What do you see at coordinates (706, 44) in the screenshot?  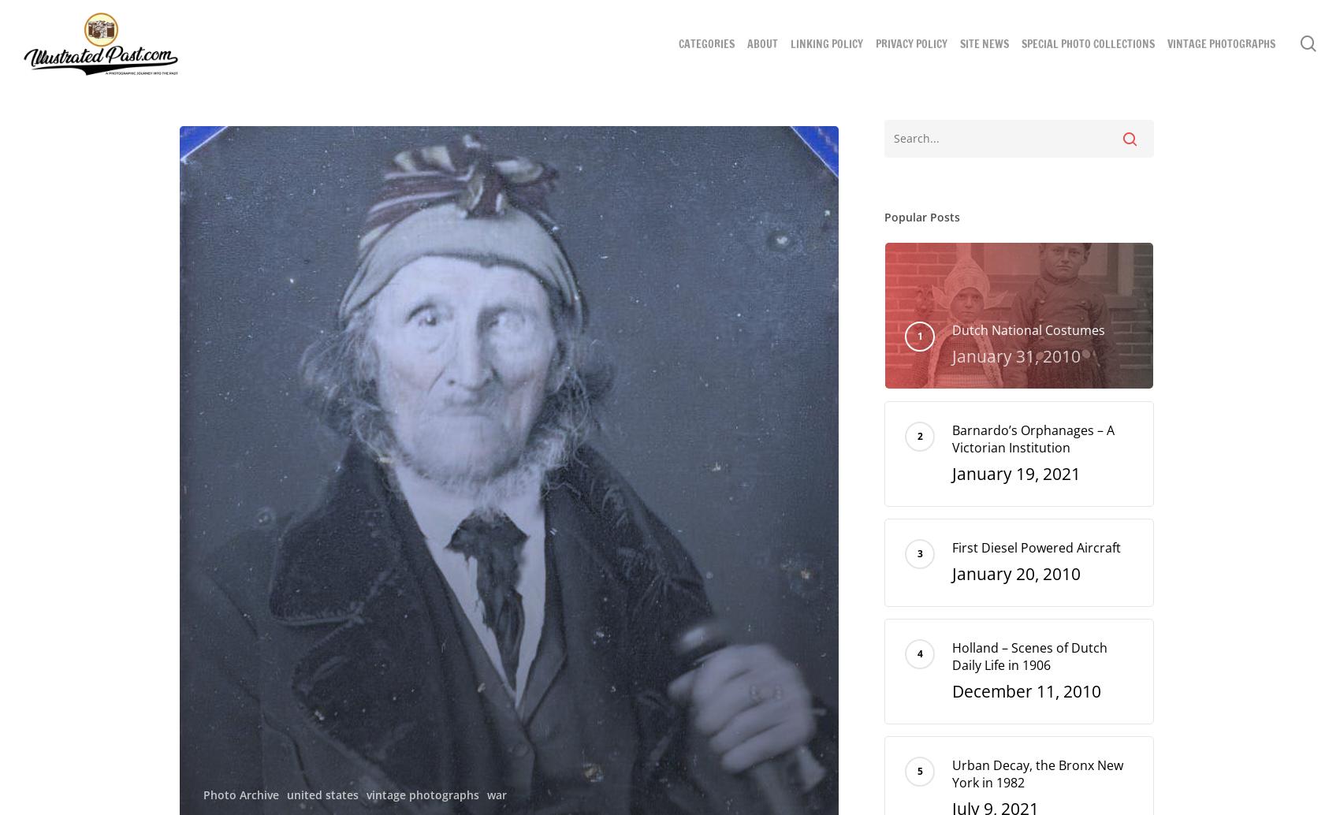 I see `'Categories'` at bounding box center [706, 44].